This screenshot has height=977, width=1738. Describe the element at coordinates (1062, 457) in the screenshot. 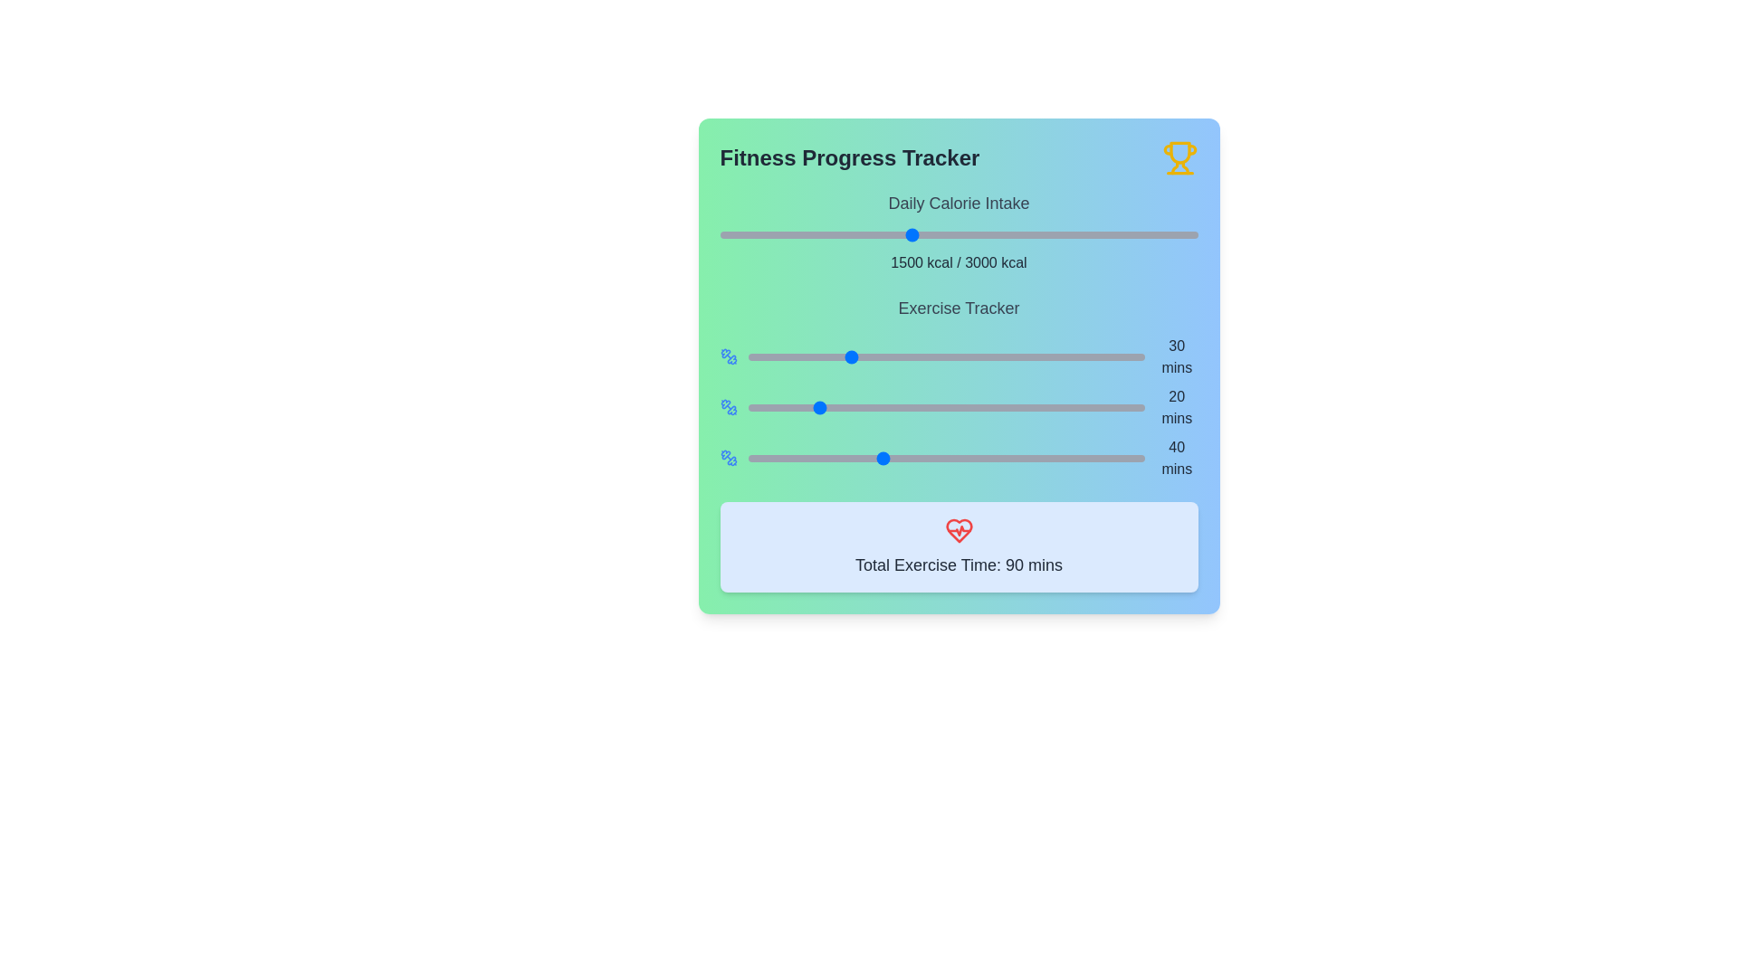

I see `the exercise duration` at that location.